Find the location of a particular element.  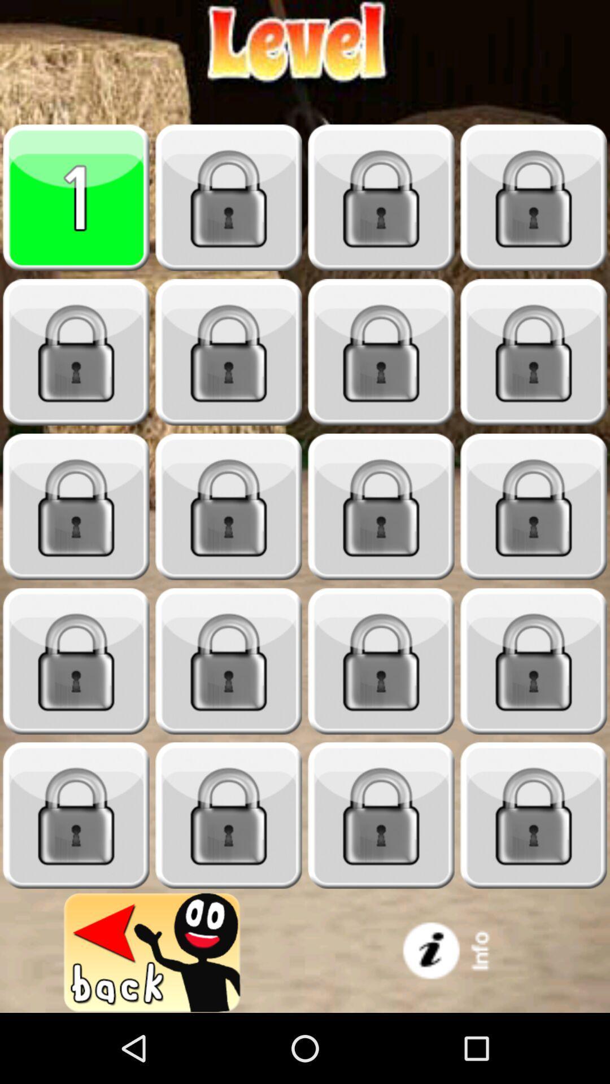

game level of the stage is located at coordinates (381, 506).